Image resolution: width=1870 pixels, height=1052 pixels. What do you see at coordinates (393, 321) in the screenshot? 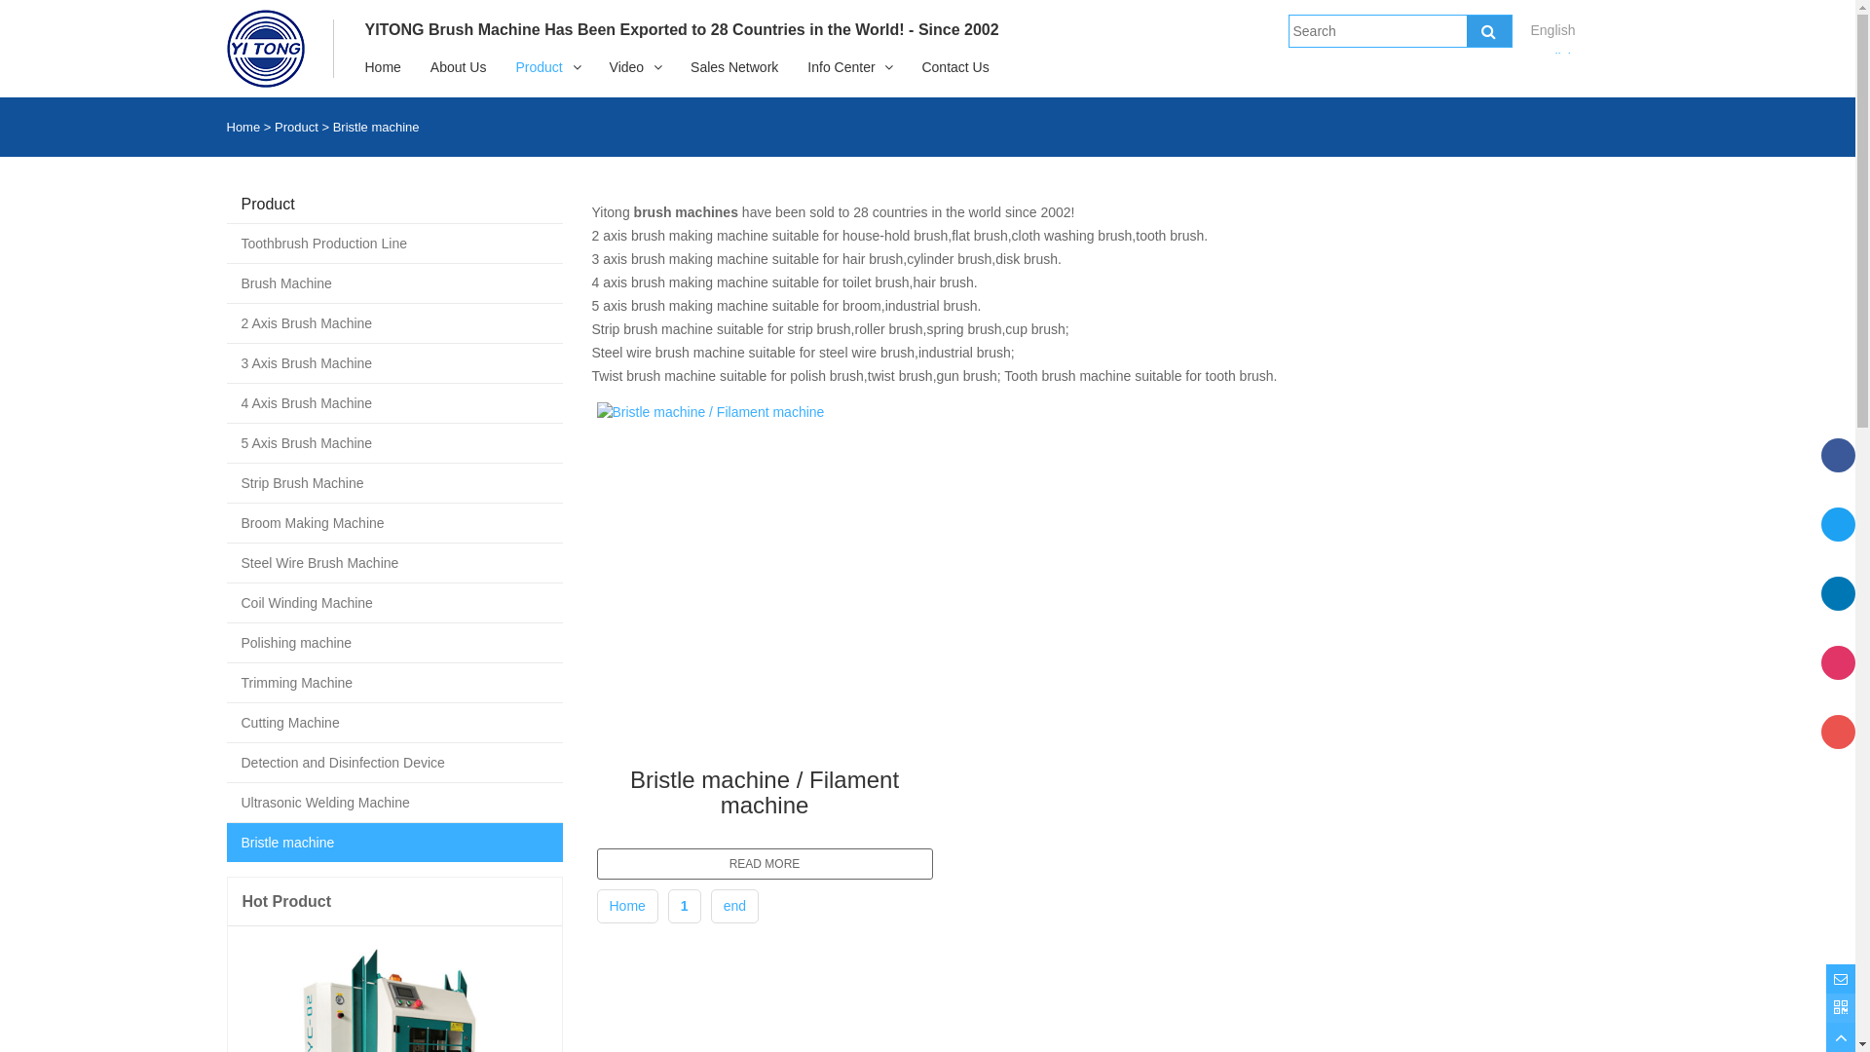
I see `'2 Axis Brush Machine'` at bounding box center [393, 321].